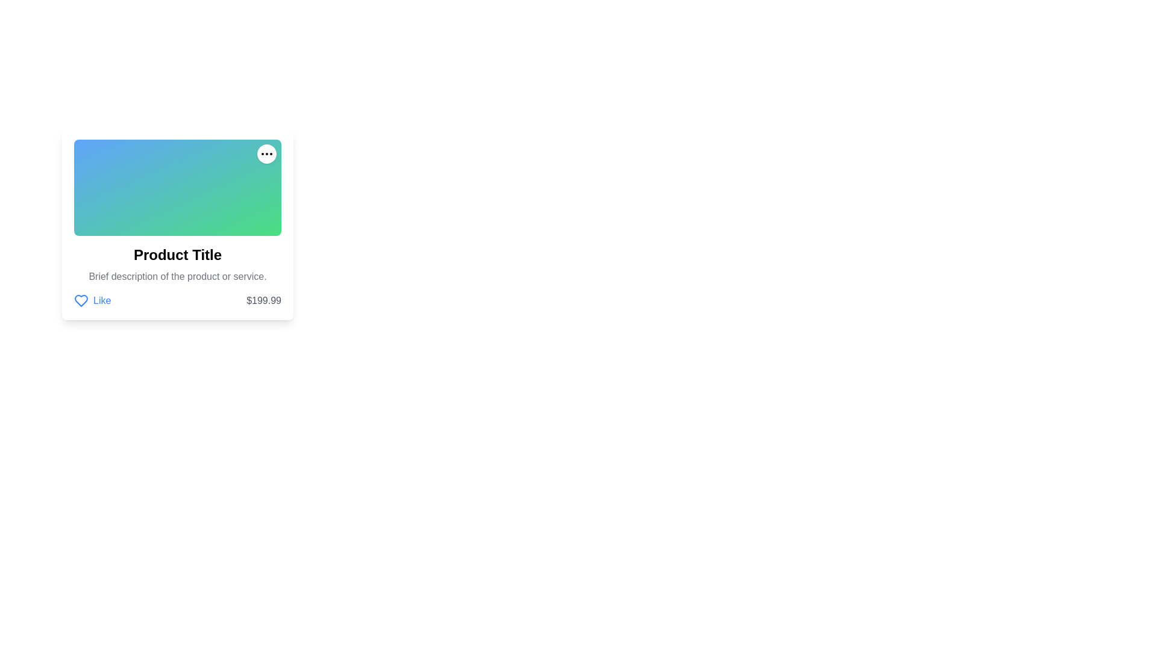 This screenshot has width=1157, height=650. Describe the element at coordinates (266, 153) in the screenshot. I see `the circular button with a three-dot icon located at the top-right corner of the card` at that location.